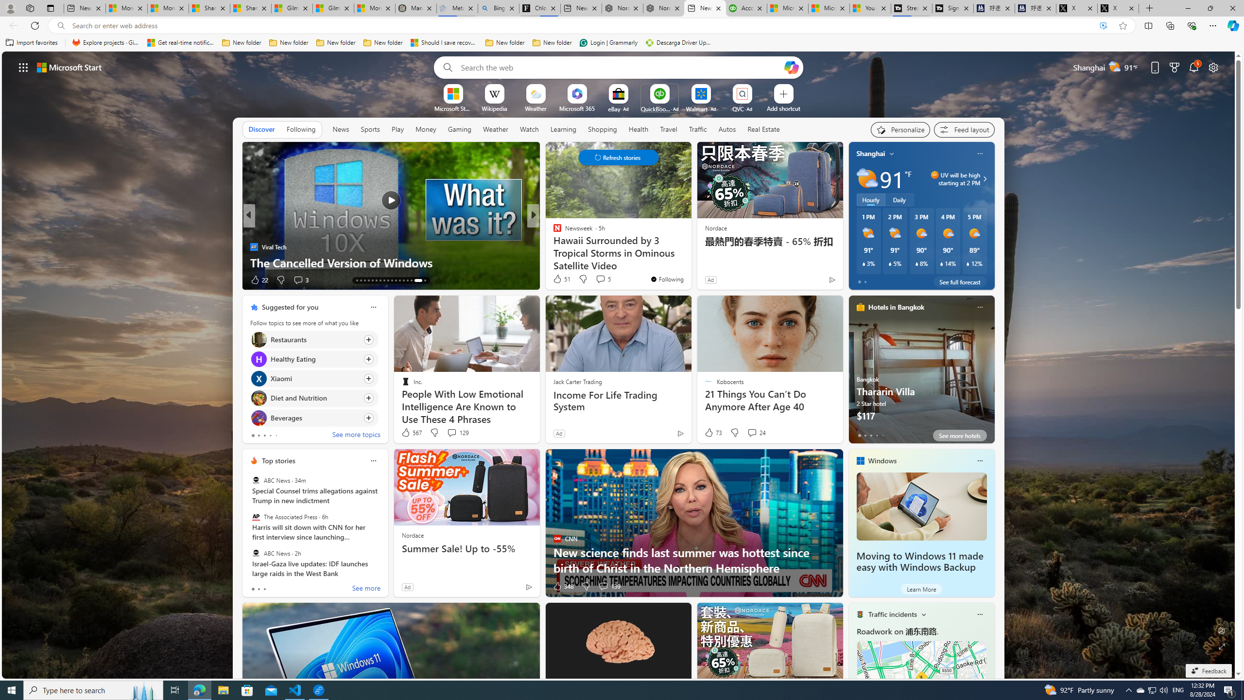 Image resolution: width=1244 pixels, height=700 pixels. I want to click on 'Shanghai', so click(870, 153).